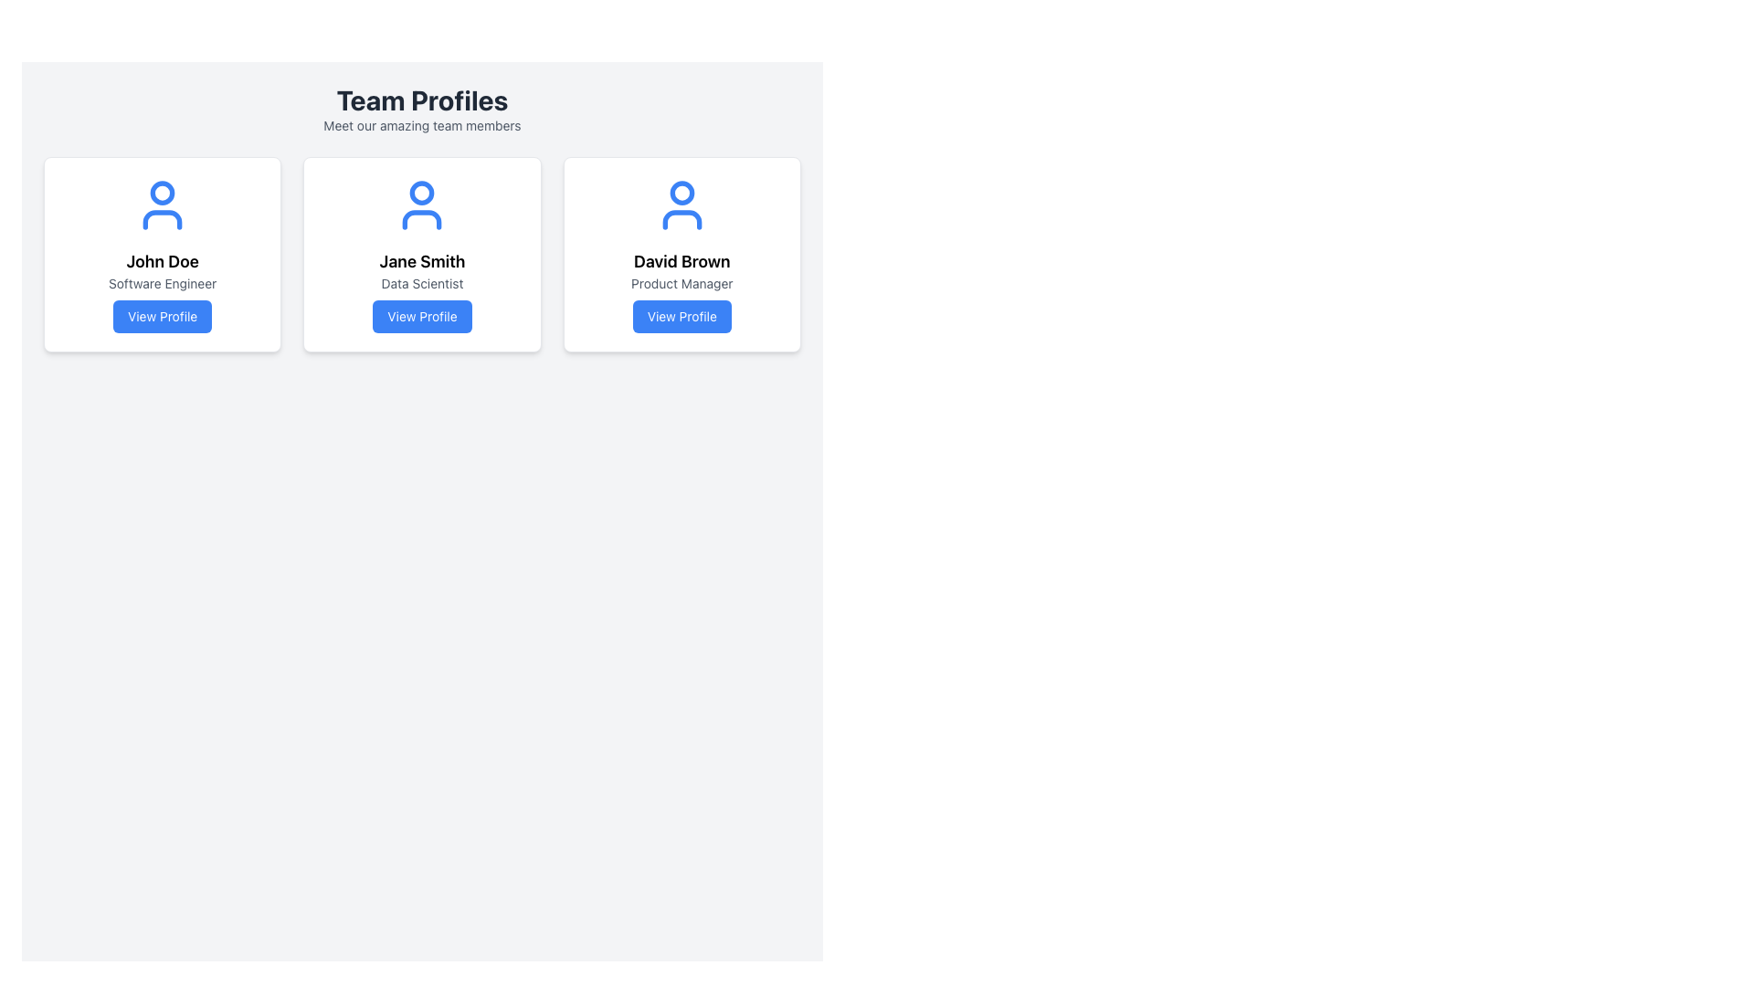 The image size is (1754, 986). What do you see at coordinates (163, 261) in the screenshot?
I see `the text label displaying 'John Doe' in bold font, which is located at the top row of a grid layout within a card component` at bounding box center [163, 261].